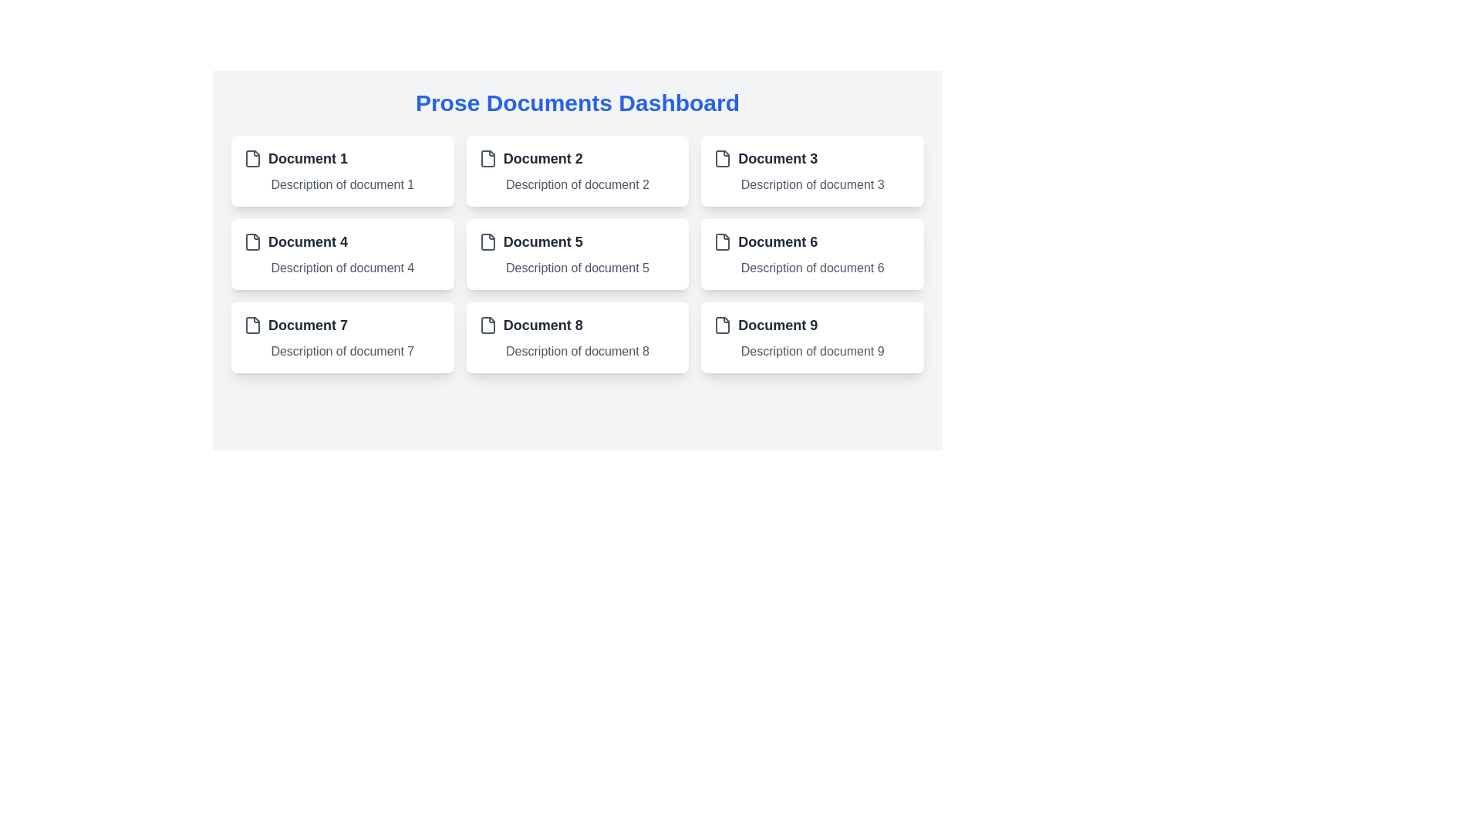 The height and width of the screenshot is (833, 1481). I want to click on the document description card for 'Document 8' located at the center coordinates, so click(576, 337).